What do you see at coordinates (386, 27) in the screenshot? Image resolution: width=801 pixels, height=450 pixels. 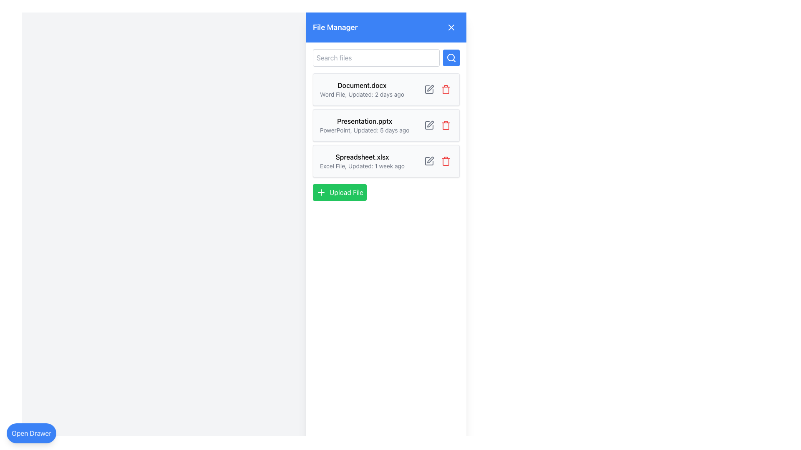 I see `the title bar of the file management panel located at the top of the right-side vertical drawer` at bounding box center [386, 27].